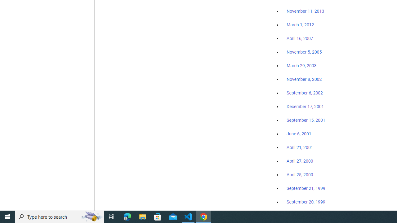  What do you see at coordinates (300, 38) in the screenshot?
I see `'April 16, 2007'` at bounding box center [300, 38].